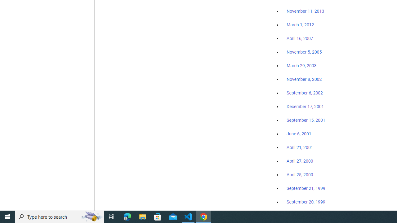  What do you see at coordinates (300, 38) in the screenshot?
I see `'April 16, 2007'` at bounding box center [300, 38].